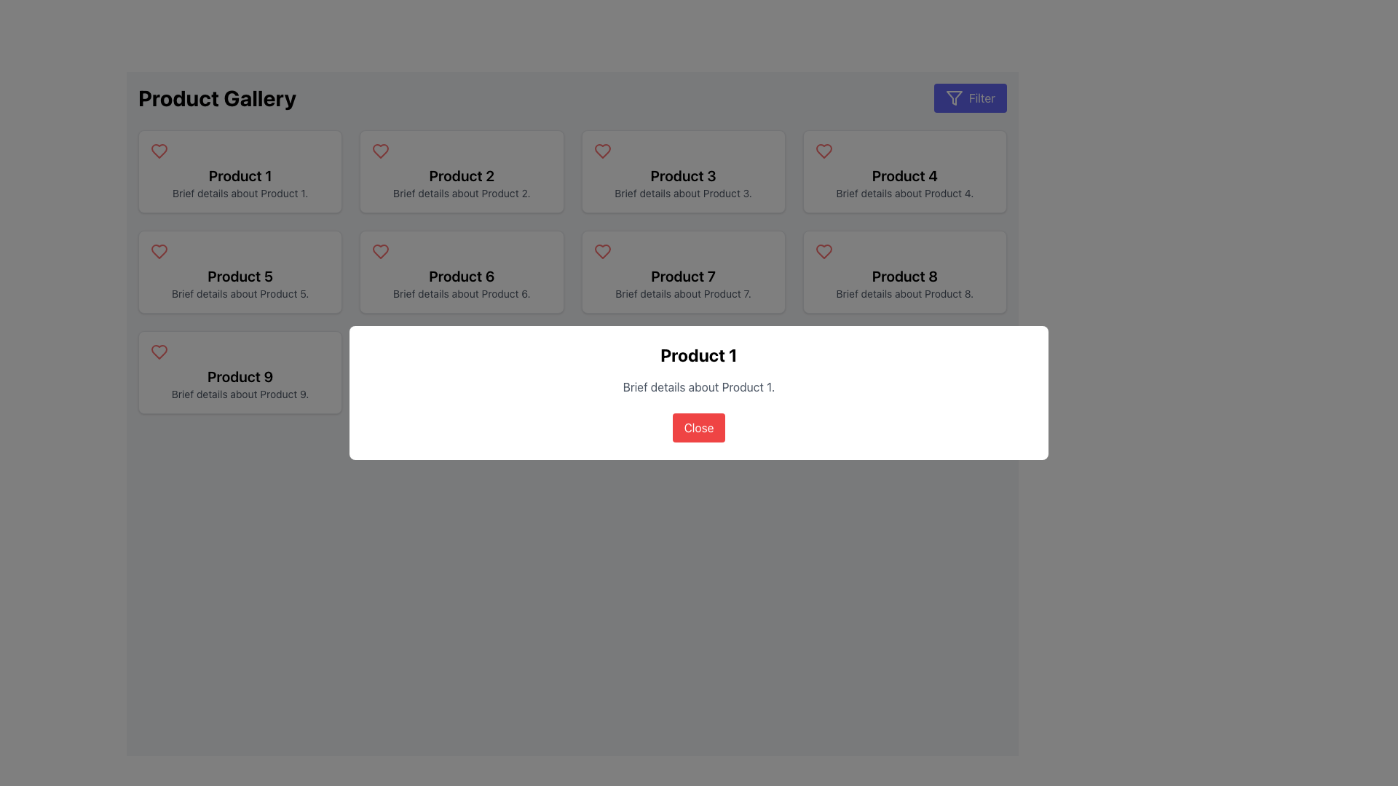 This screenshot has width=1398, height=786. Describe the element at coordinates (602, 251) in the screenshot. I see `the like or save icon located at the top-left corner of the card titled 'Product 7' in the third row, second column of the grid layout` at that location.